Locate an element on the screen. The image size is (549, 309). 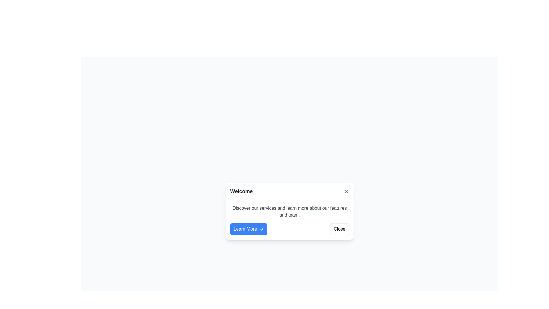
the close button located at the top-right corner of the box containing the heading 'Welcome' is located at coordinates (346, 191).